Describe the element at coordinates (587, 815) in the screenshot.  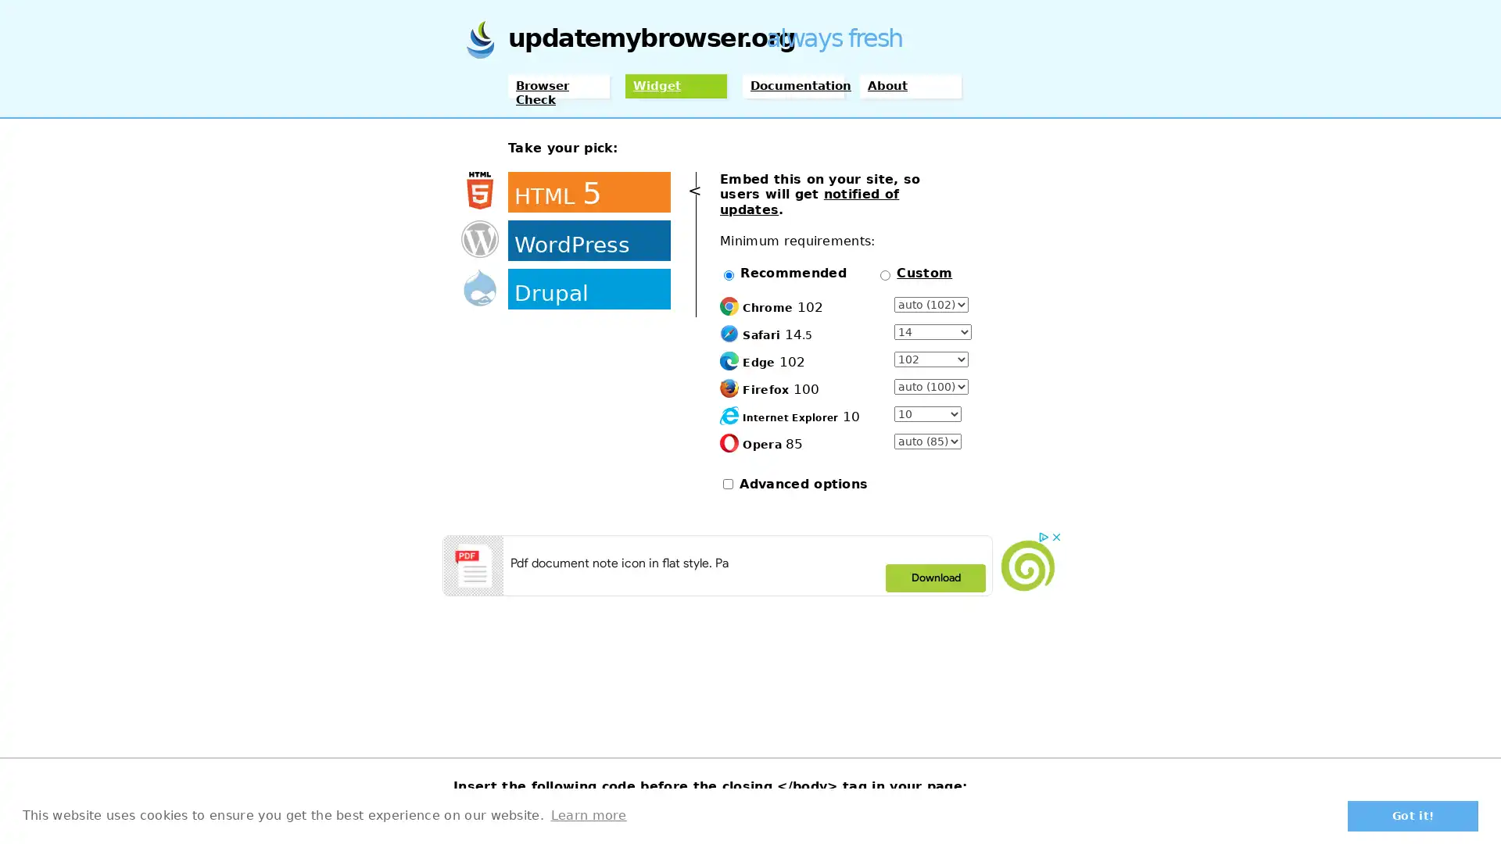
I see `learn more about cookies` at that location.